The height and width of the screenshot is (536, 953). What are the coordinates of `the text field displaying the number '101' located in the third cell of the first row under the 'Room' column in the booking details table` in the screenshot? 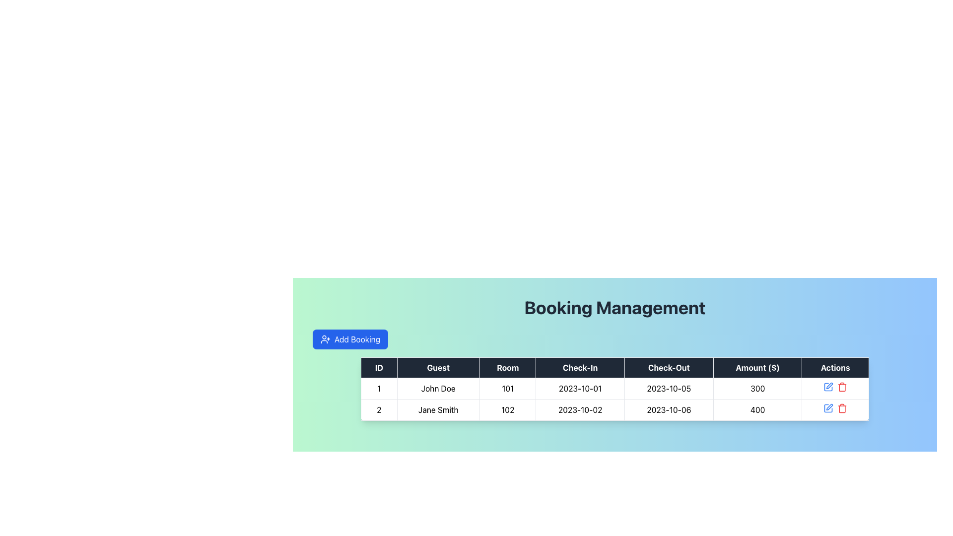 It's located at (508, 388).